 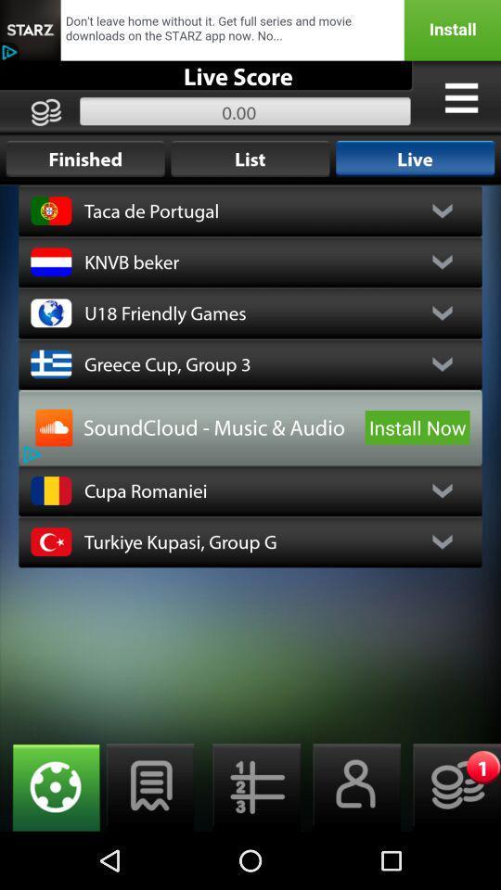 What do you see at coordinates (250, 843) in the screenshot?
I see `the list icon` at bounding box center [250, 843].